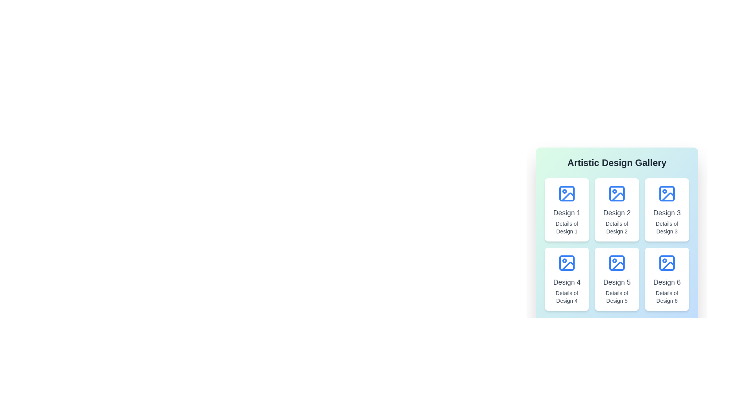 The image size is (739, 416). What do you see at coordinates (666, 262) in the screenshot?
I see `the icon representing the visual-related function in the bottom-right card labeled 'Design 6' within the 'Artistic Design Gallery'` at bounding box center [666, 262].